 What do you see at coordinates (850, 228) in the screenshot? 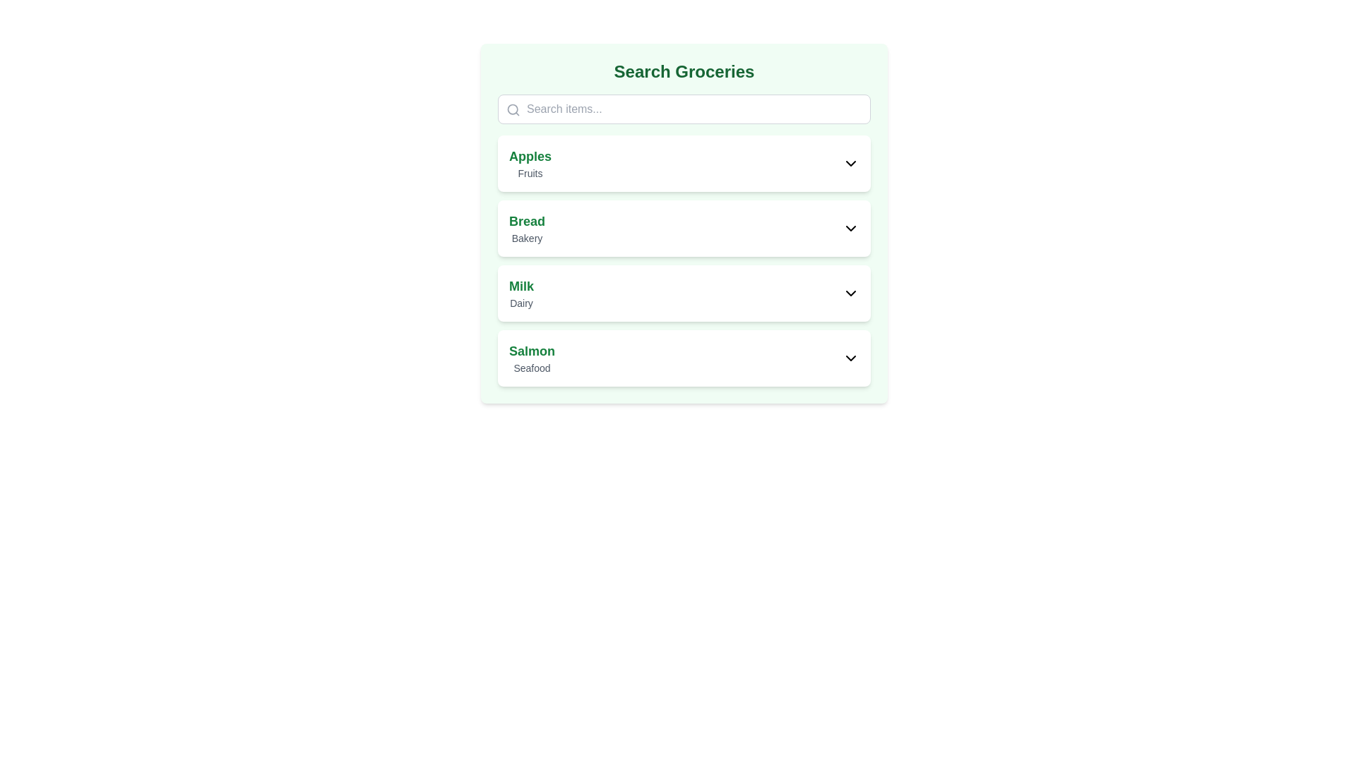
I see `the Chevron-Down icon next to the 'BreadBakery' text in the 'Search Groceries' interface` at bounding box center [850, 228].